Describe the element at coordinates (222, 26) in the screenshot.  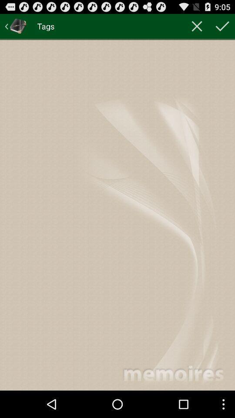
I see `approve` at that location.